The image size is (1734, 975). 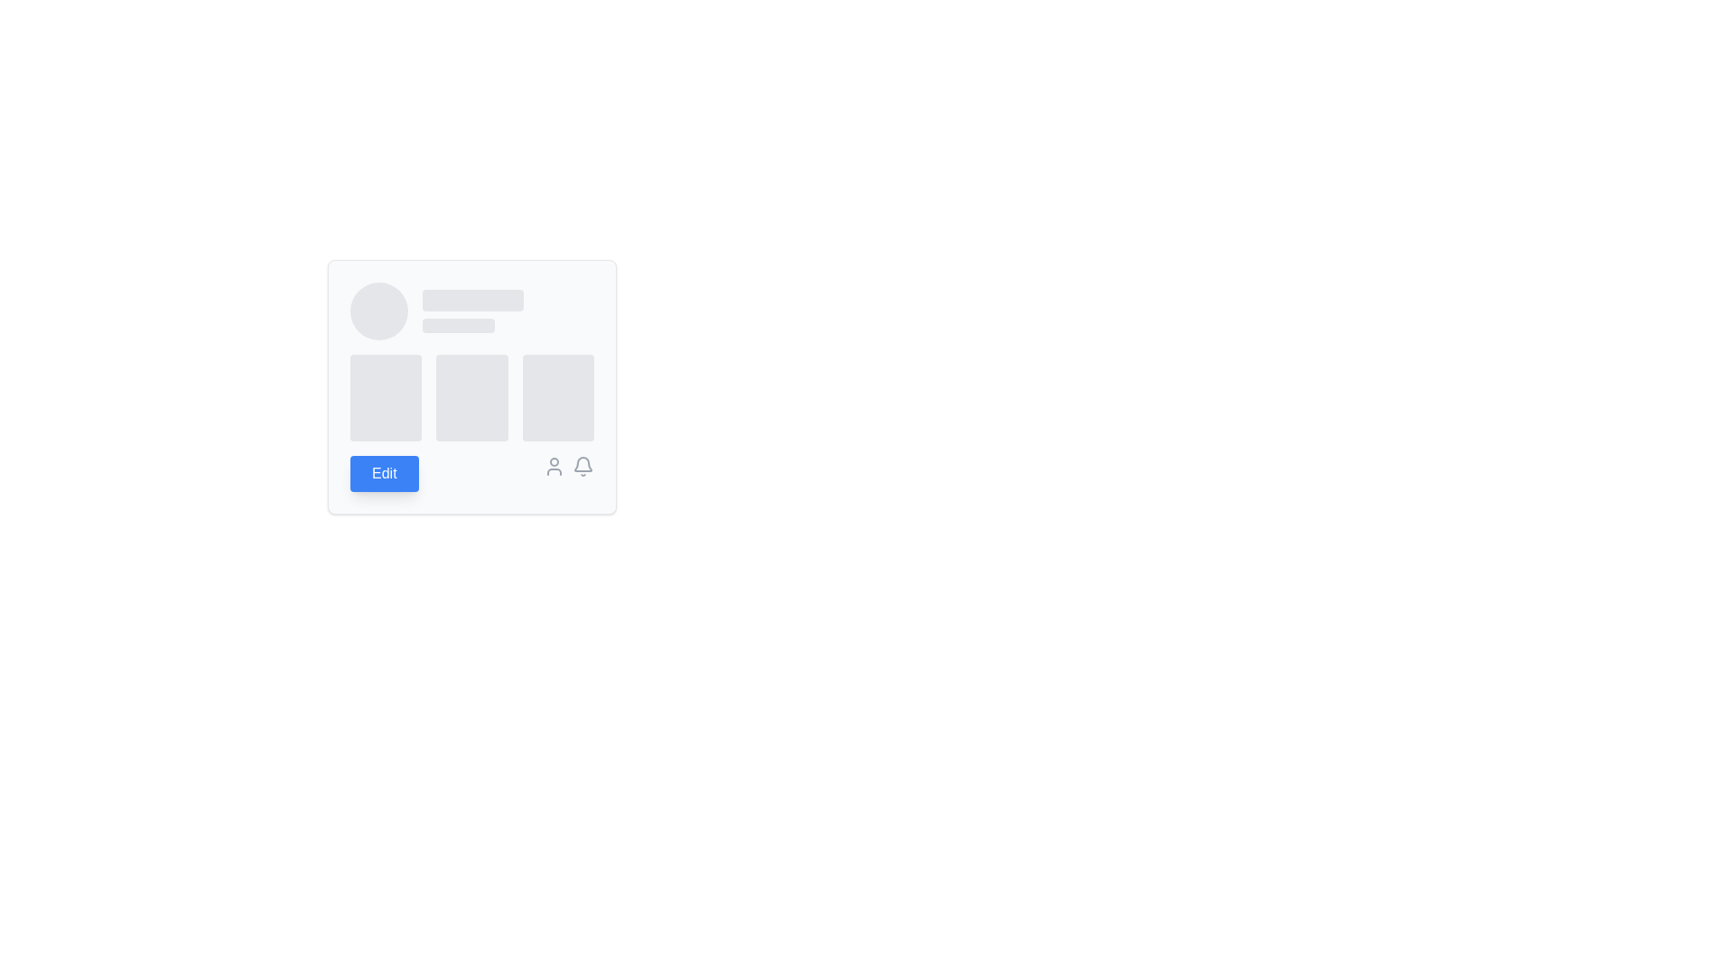 I want to click on the bell icon button located at the bottom-right corner of the card interface, so click(x=583, y=465).